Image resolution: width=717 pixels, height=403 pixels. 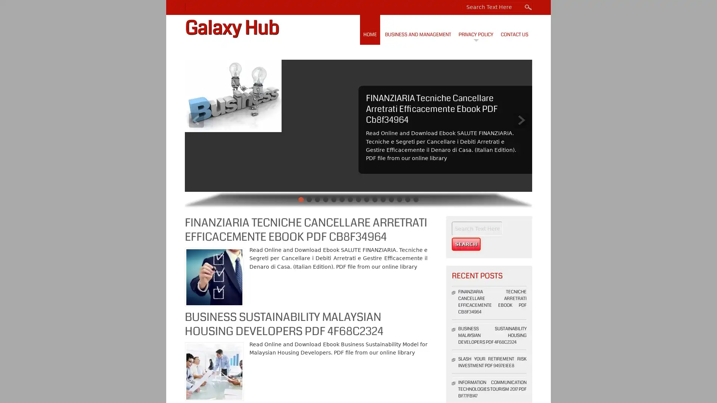 I want to click on Search, so click(x=466, y=244).